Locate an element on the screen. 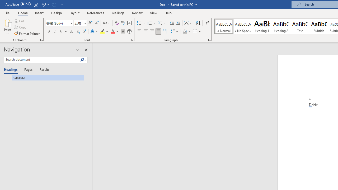 Image resolution: width=338 pixels, height=190 pixels. 'Cut' is located at coordinates (20, 21).